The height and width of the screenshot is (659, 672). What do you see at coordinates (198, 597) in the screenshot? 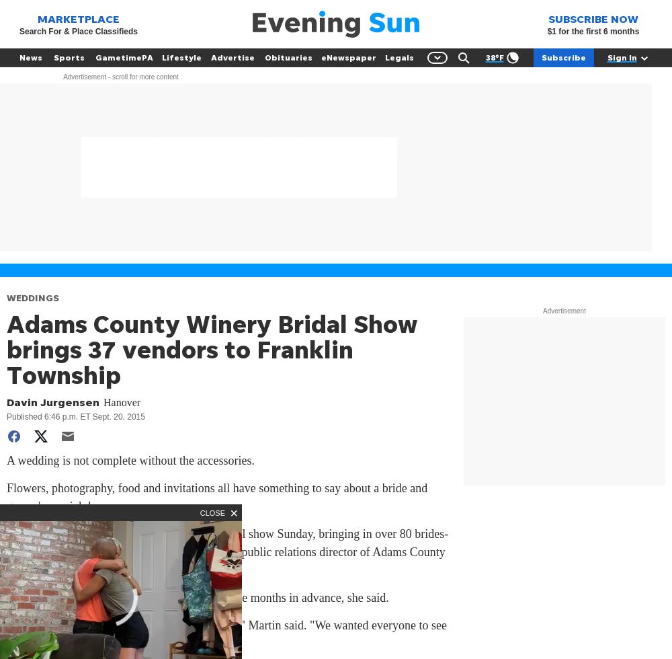
I see `'Martin created the event and started planning five months in advance, she said.'` at bounding box center [198, 597].